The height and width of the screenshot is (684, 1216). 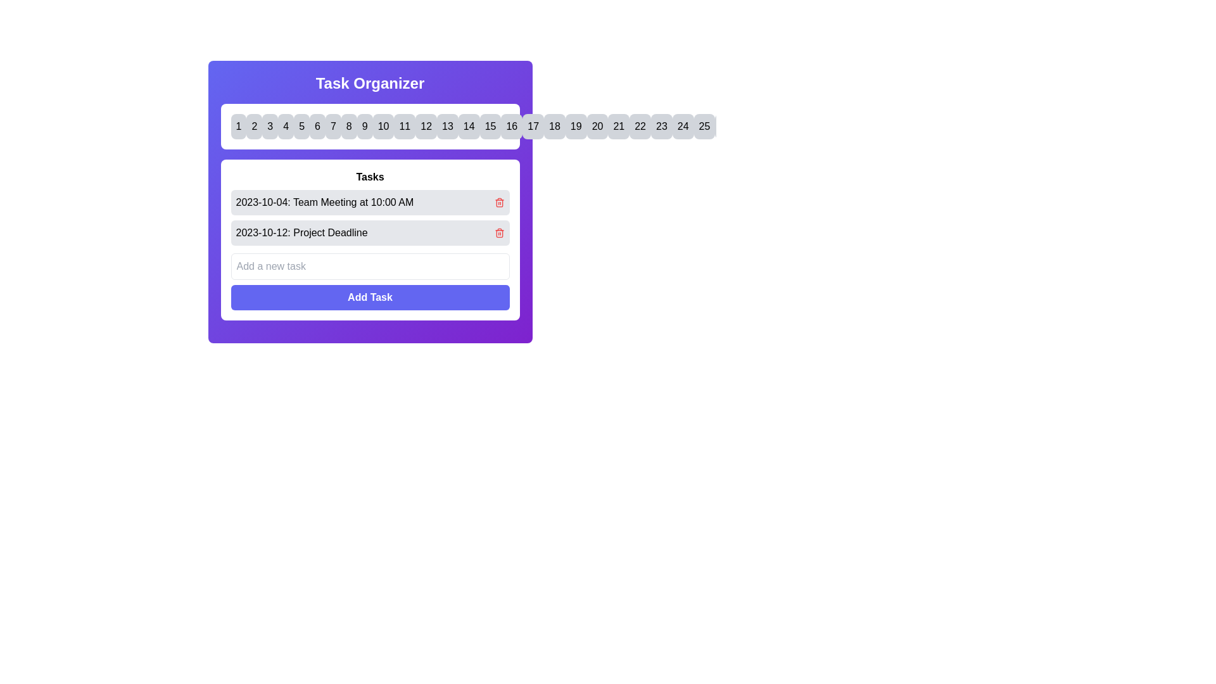 What do you see at coordinates (682, 127) in the screenshot?
I see `the 24th button in the calendar interface` at bounding box center [682, 127].